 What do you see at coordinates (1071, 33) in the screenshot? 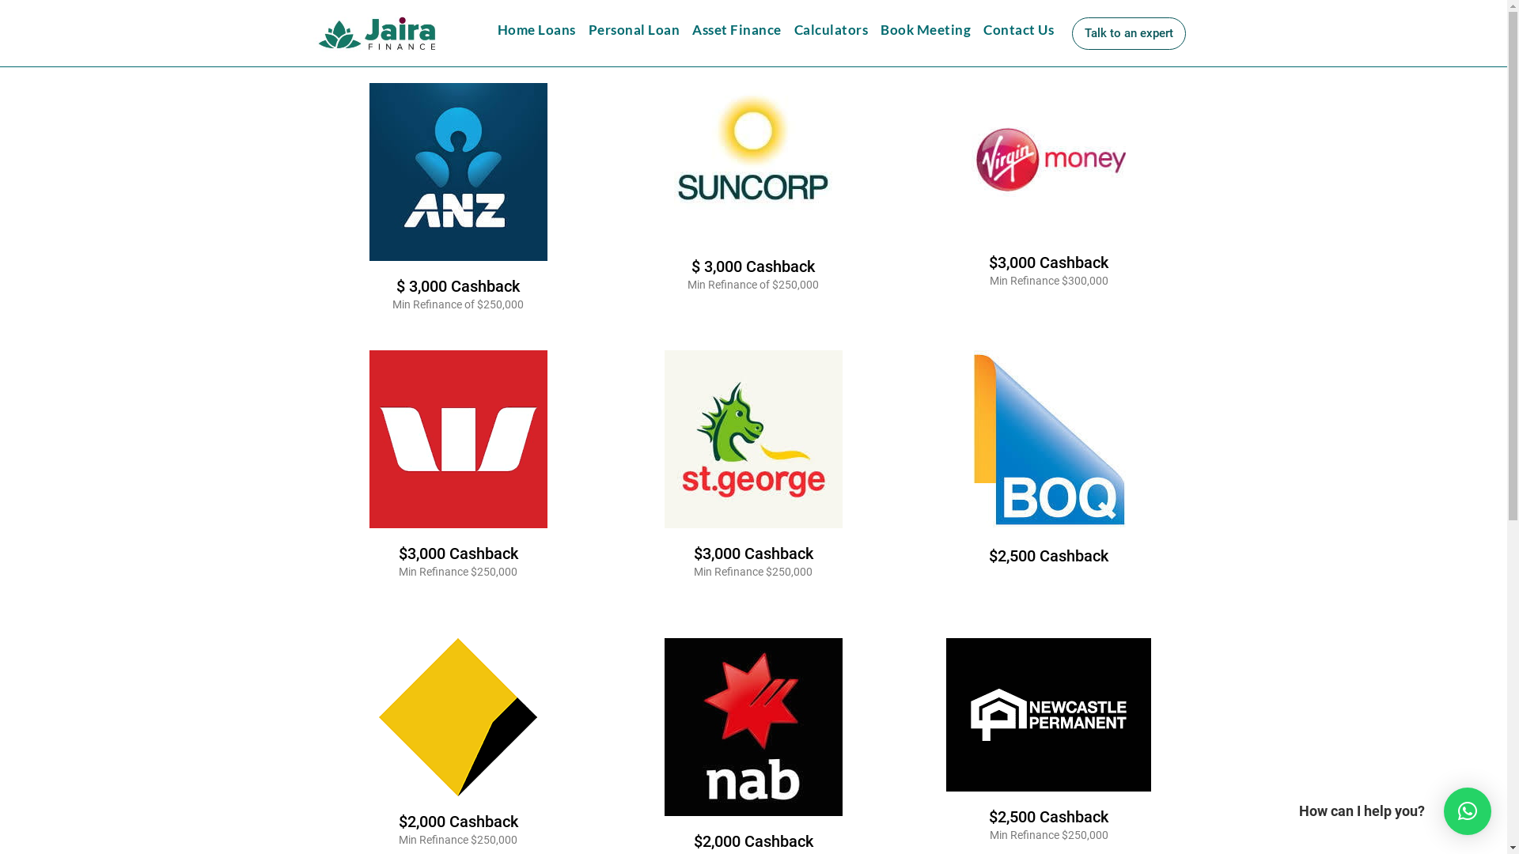
I see `'Talk to an expert'` at bounding box center [1071, 33].